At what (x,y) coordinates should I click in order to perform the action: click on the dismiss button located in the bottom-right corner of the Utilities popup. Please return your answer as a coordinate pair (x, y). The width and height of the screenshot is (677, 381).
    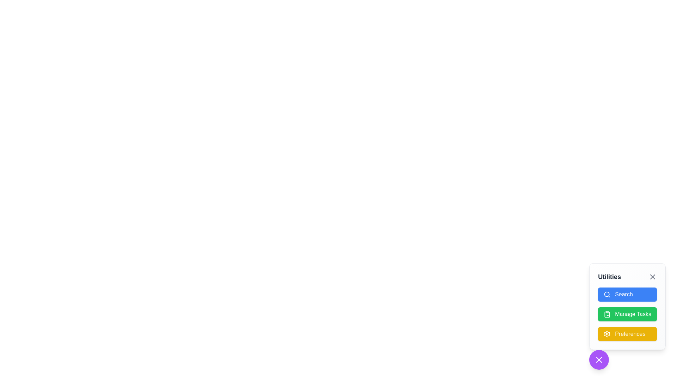
    Looking at the image, I should click on (599, 359).